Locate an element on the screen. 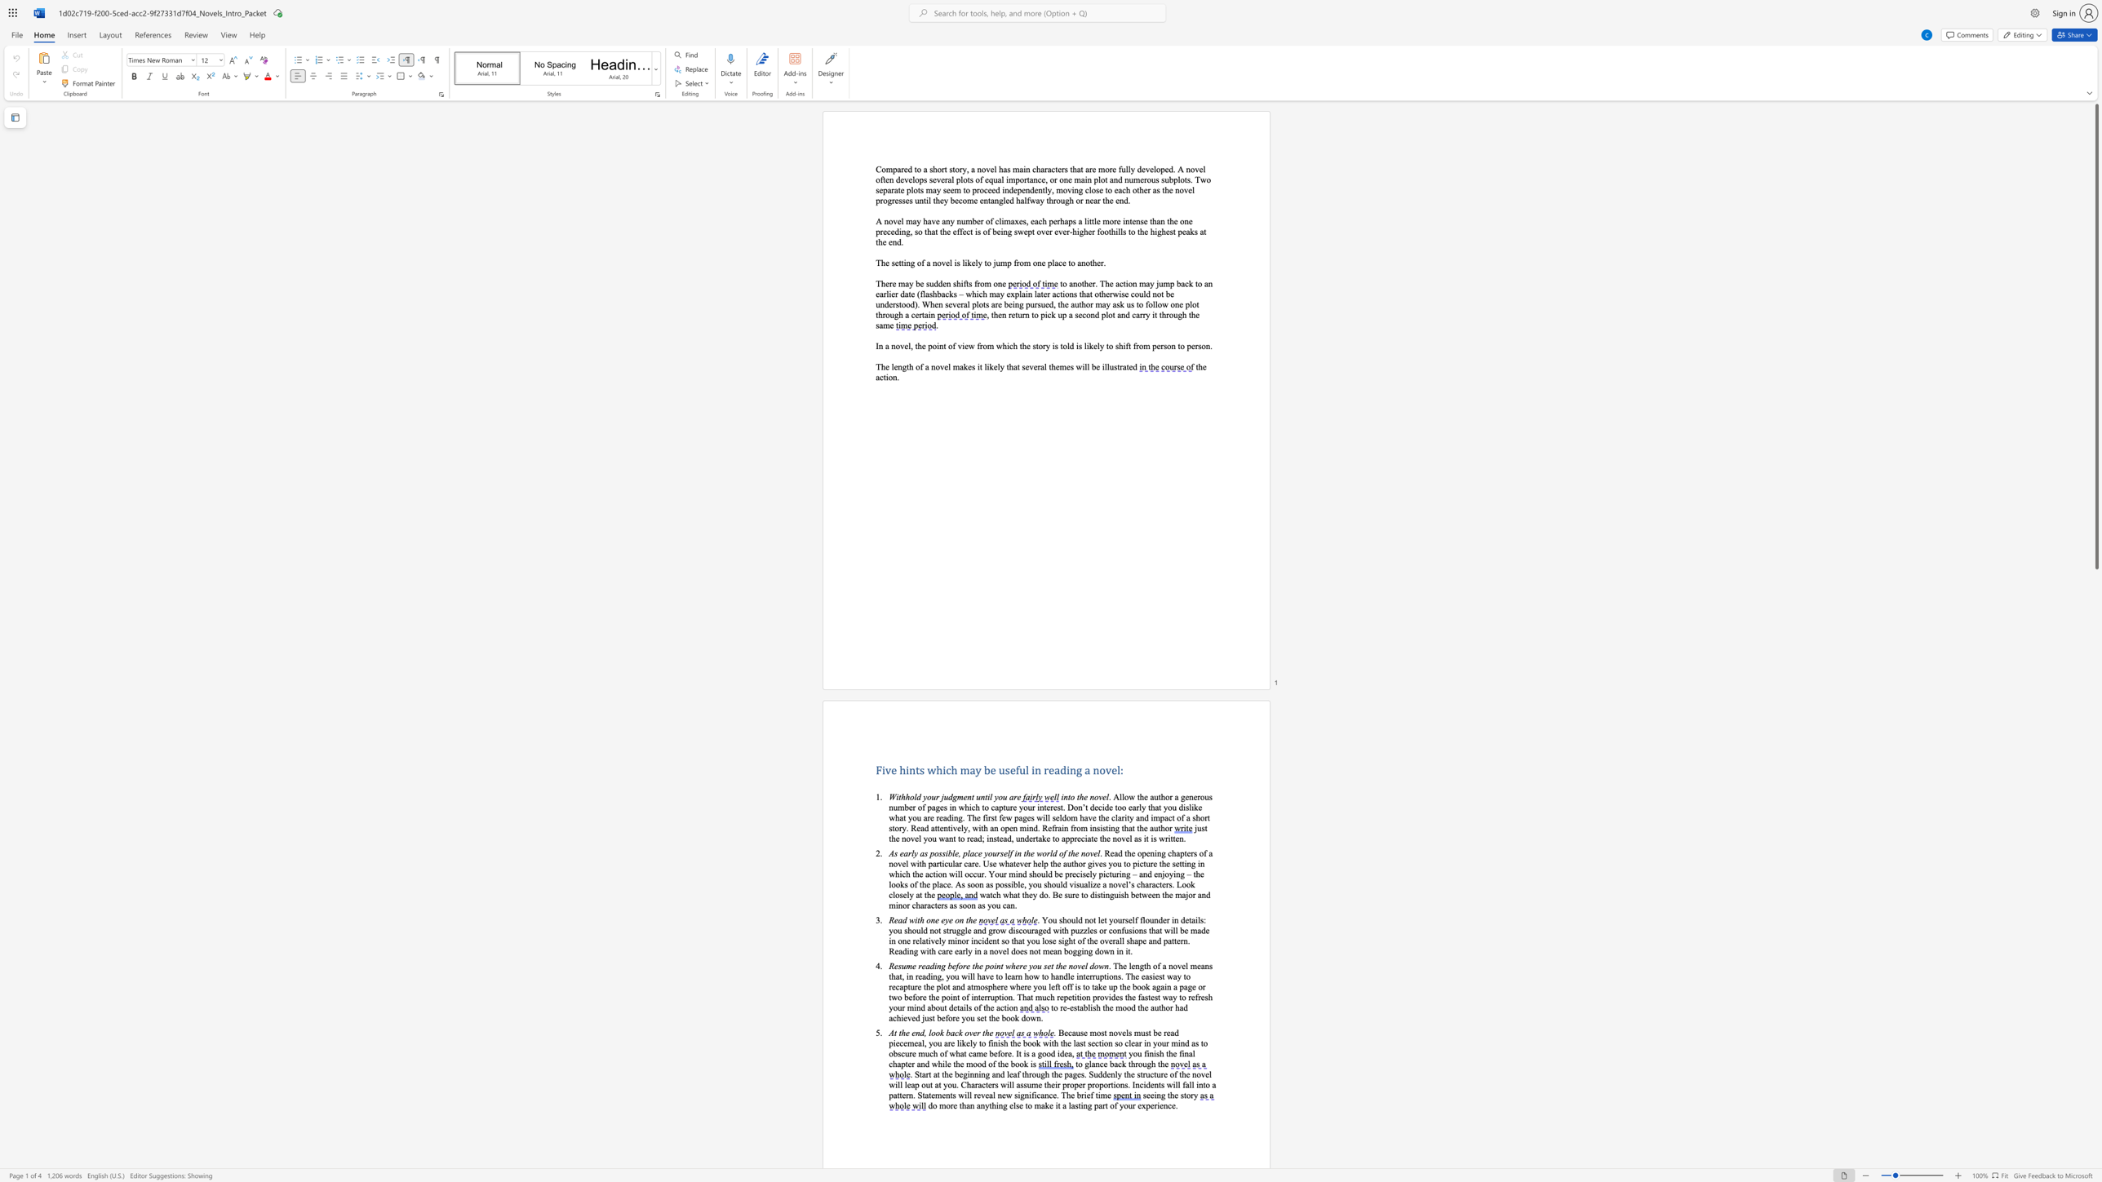 This screenshot has width=2102, height=1182. the subset text "or" within the text "relatively minor" is located at coordinates (960, 940).